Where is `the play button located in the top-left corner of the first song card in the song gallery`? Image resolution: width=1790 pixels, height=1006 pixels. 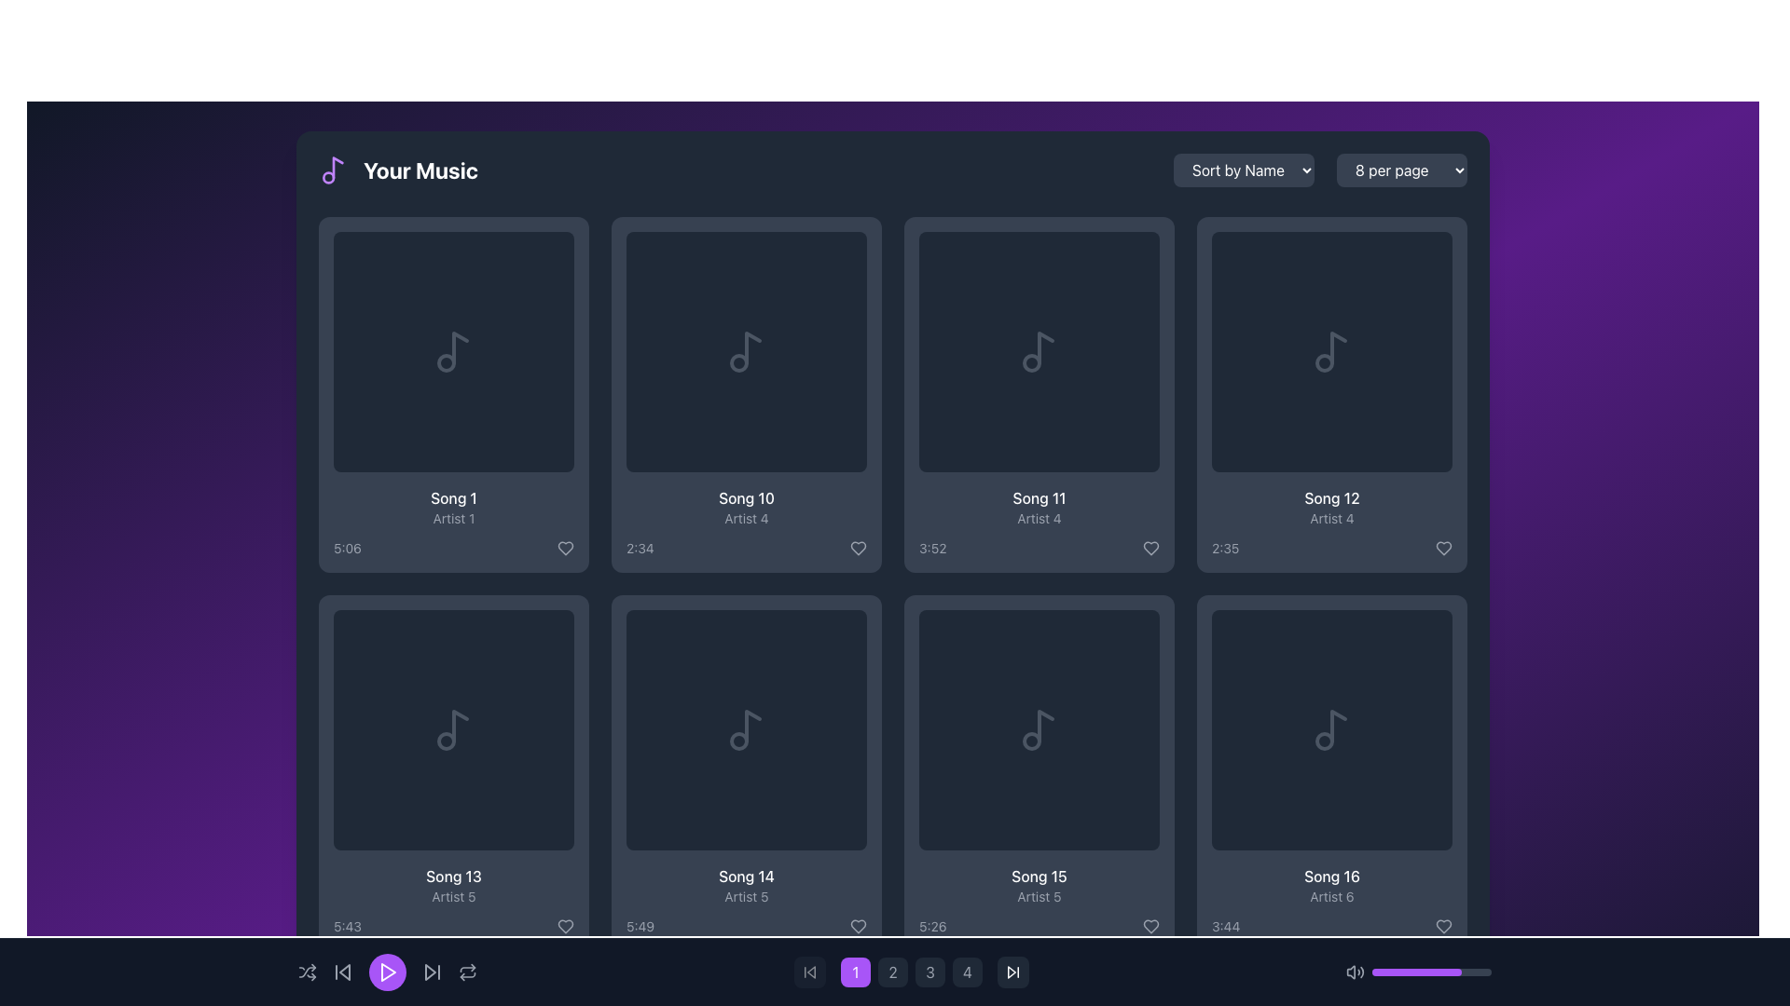 the play button located in the top-left corner of the first song card in the song gallery is located at coordinates (453, 352).